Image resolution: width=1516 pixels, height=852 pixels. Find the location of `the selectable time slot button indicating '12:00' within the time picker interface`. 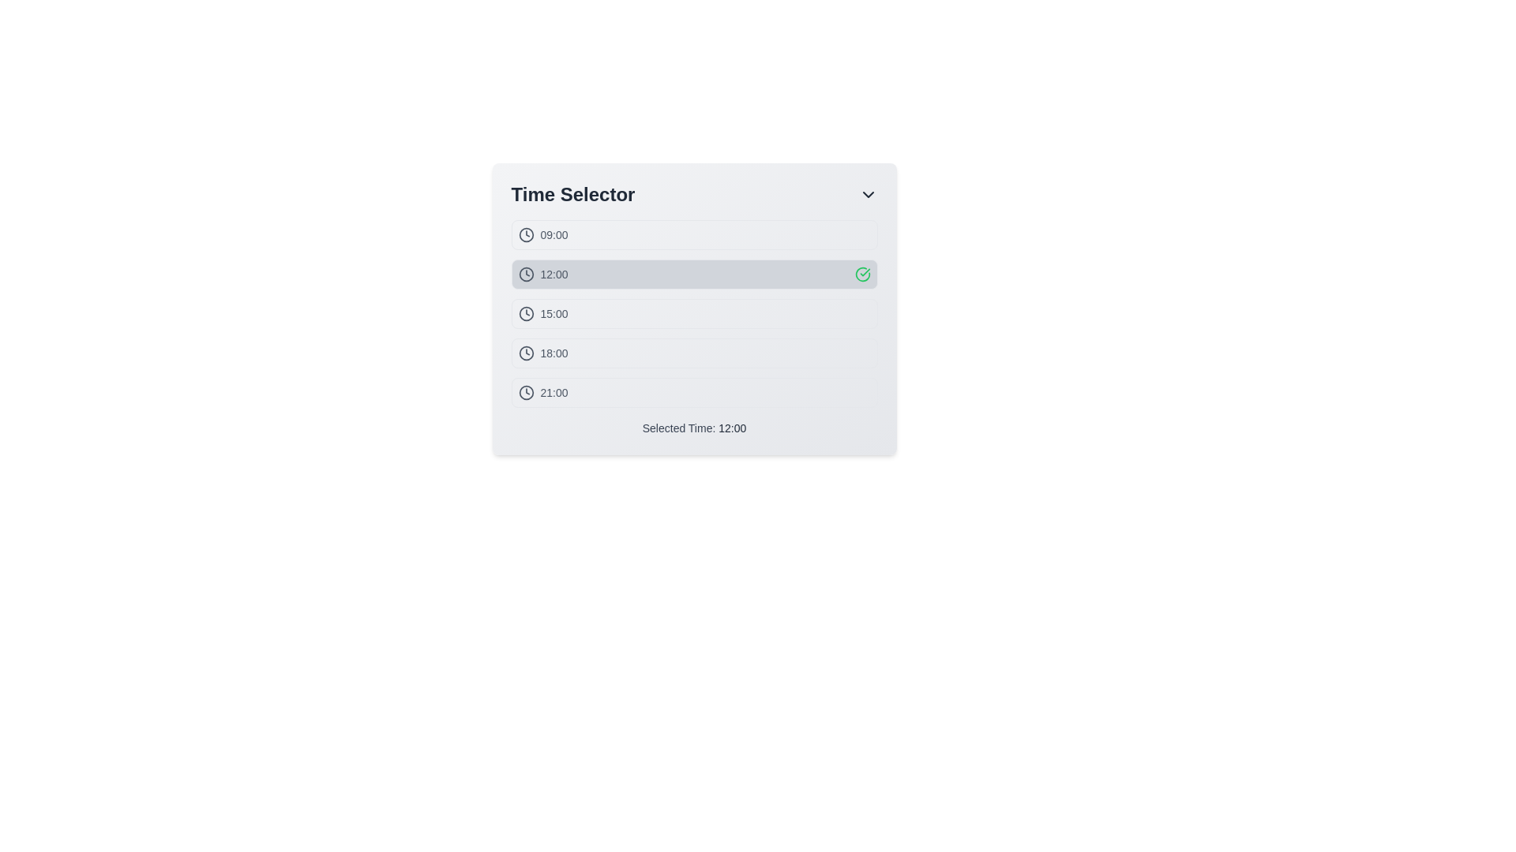

the selectable time slot button indicating '12:00' within the time picker interface is located at coordinates (694, 273).